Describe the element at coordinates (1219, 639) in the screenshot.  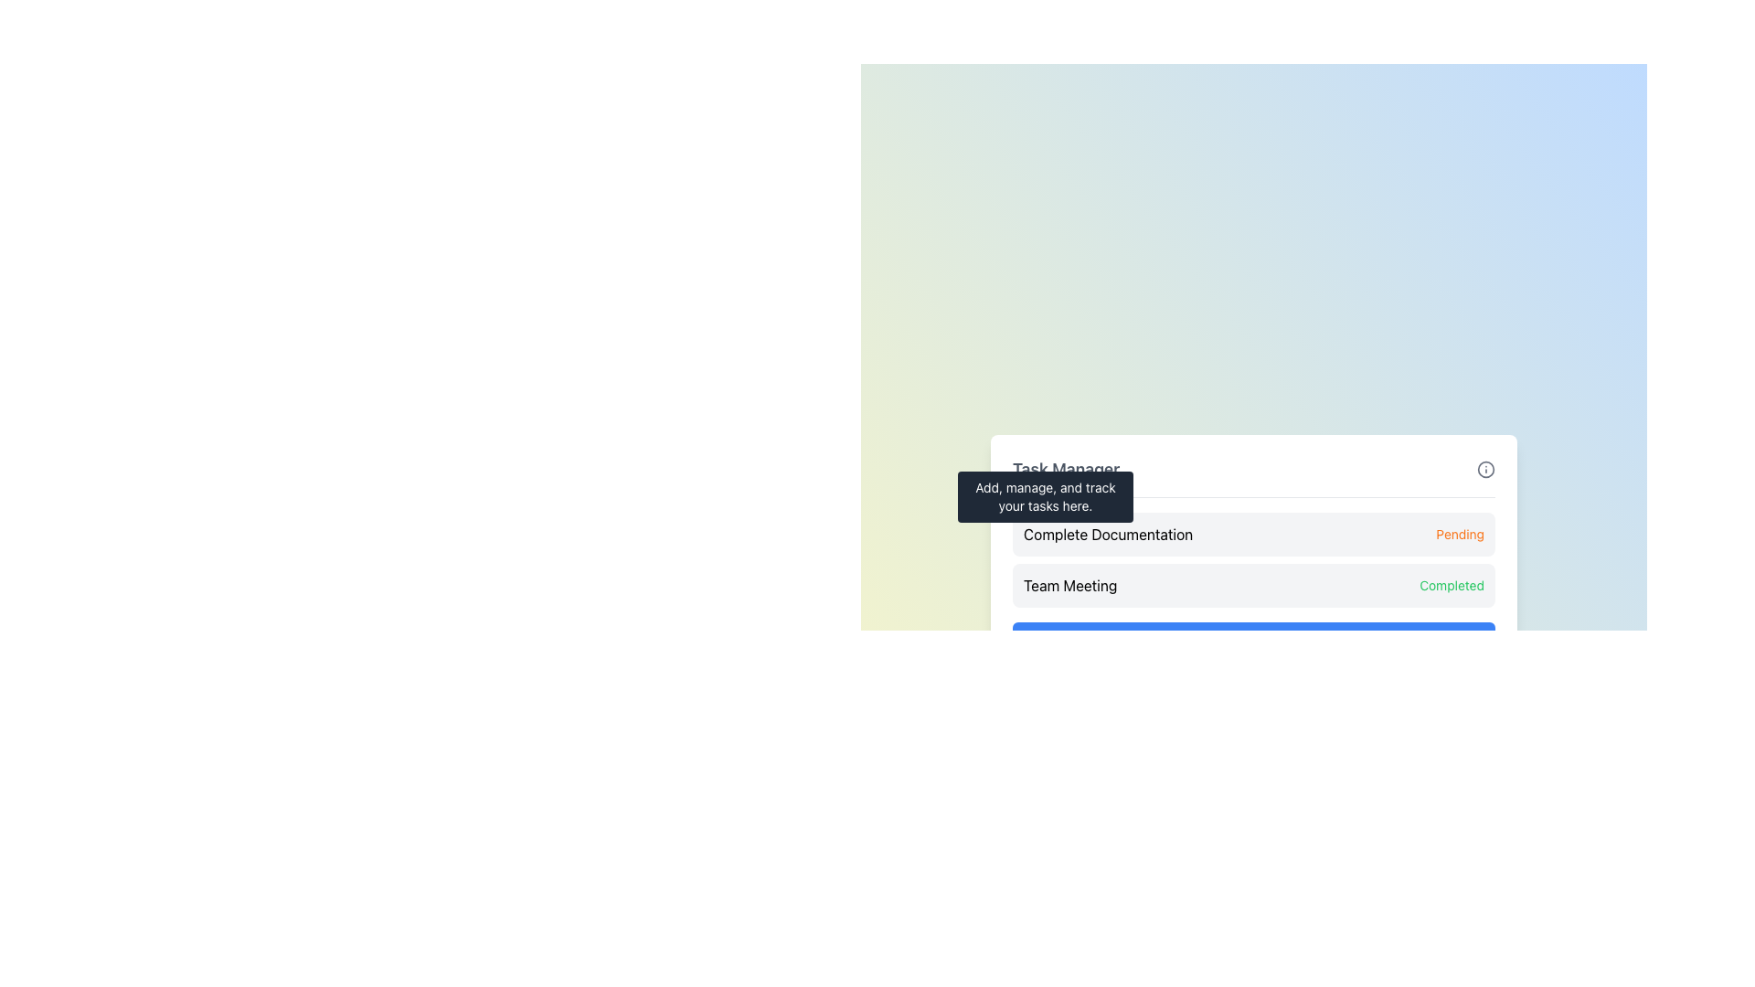
I see `the circular element that is part of an SVG graphic located in the top-right section of a vertical list or panel interface` at that location.